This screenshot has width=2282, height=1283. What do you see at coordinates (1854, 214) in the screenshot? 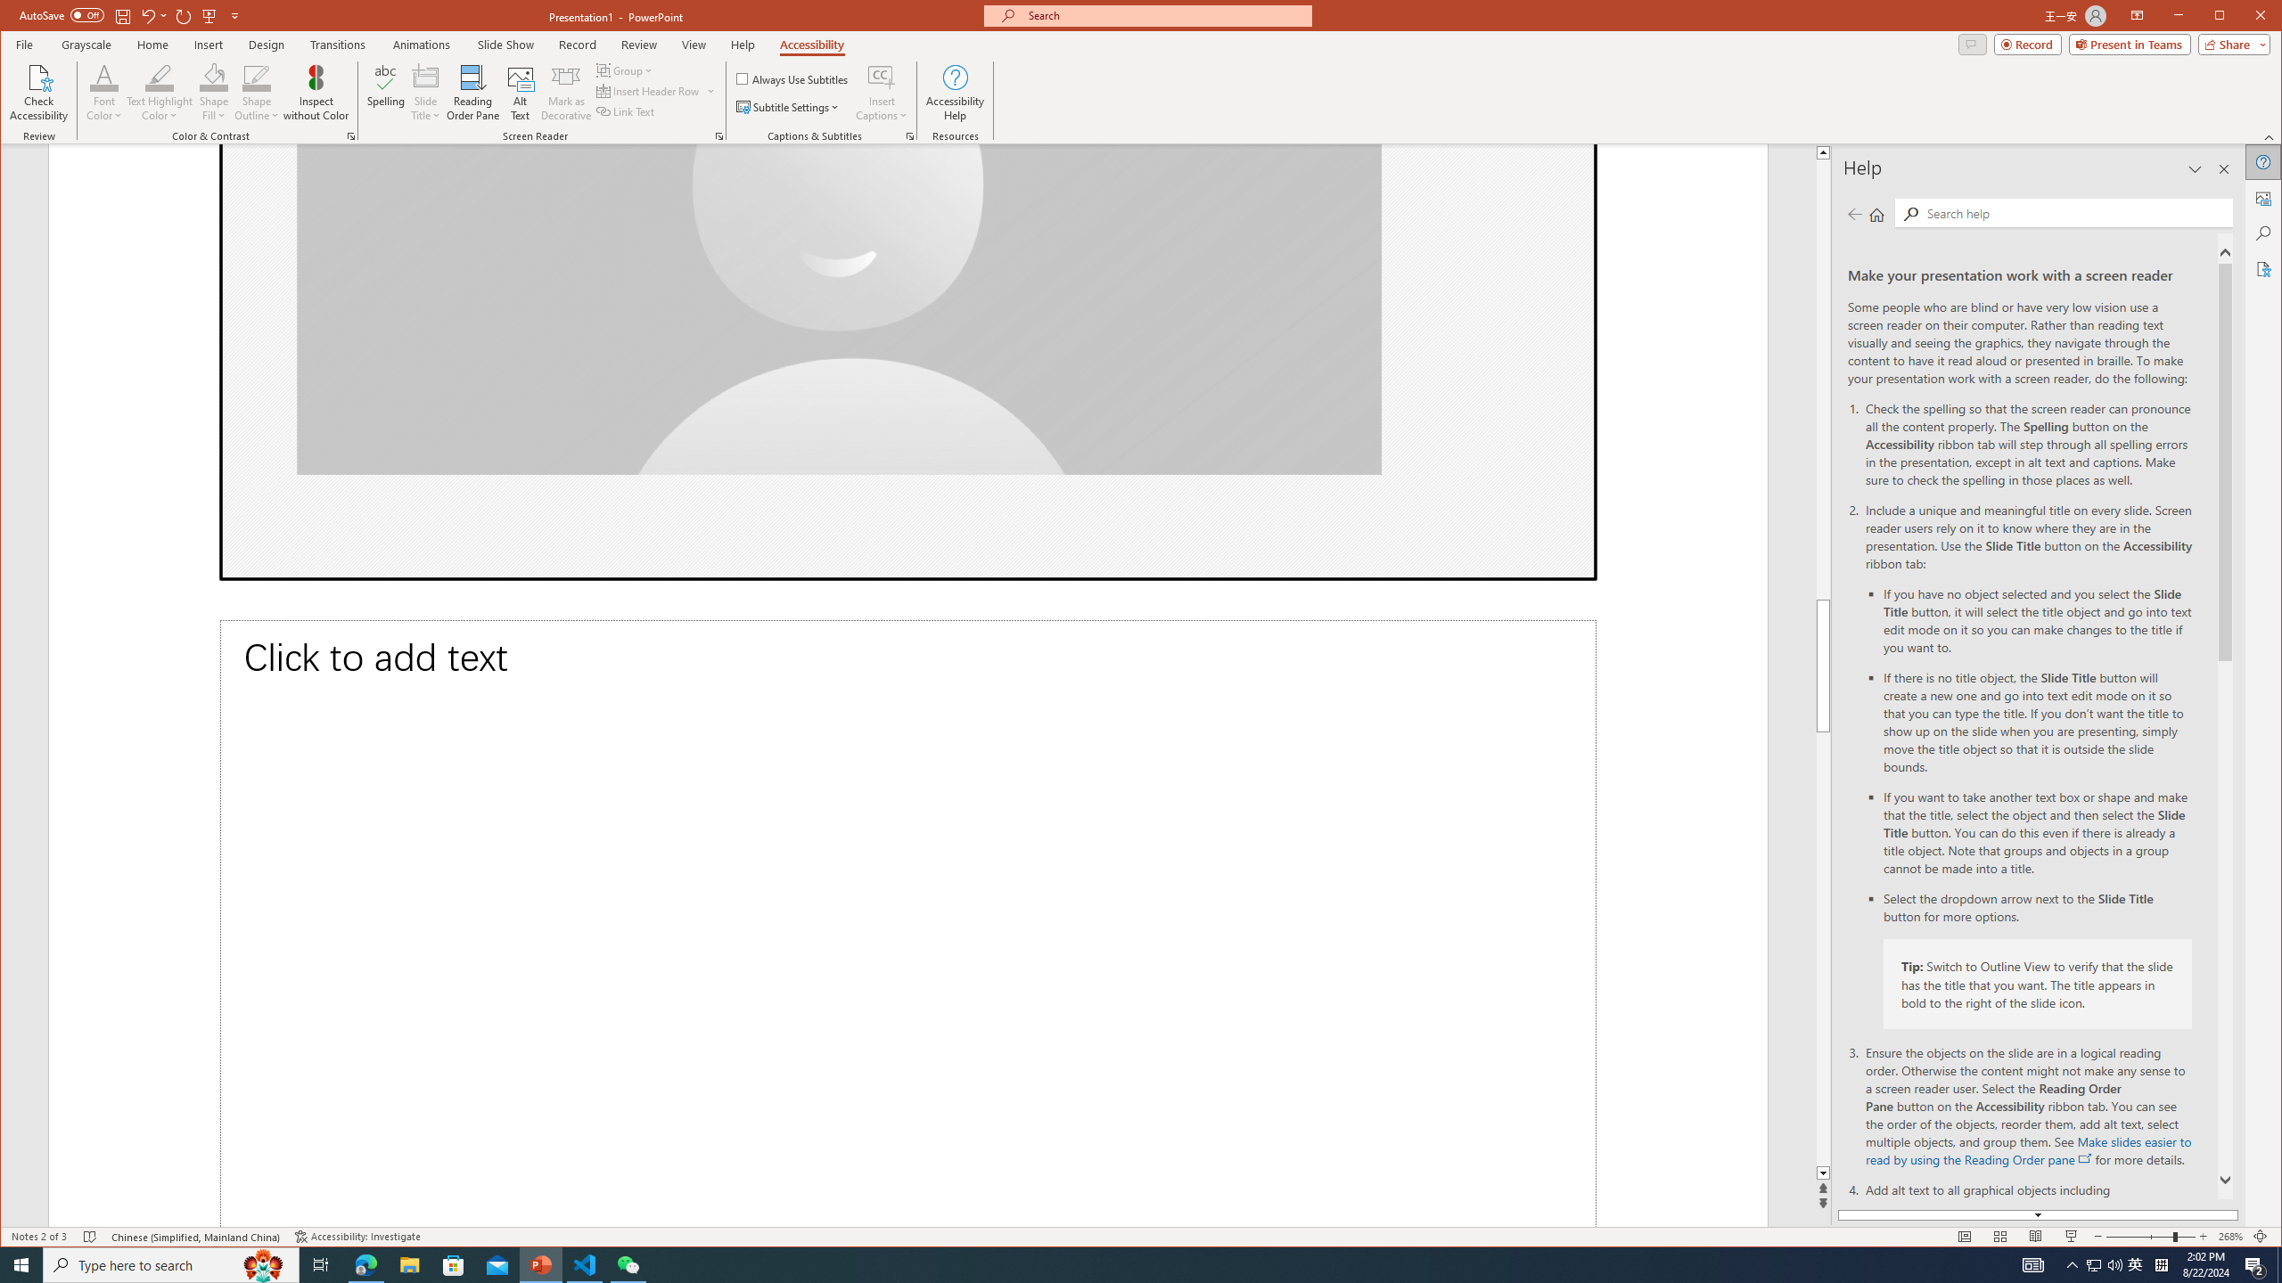
I see `'Previous page'` at bounding box center [1854, 214].